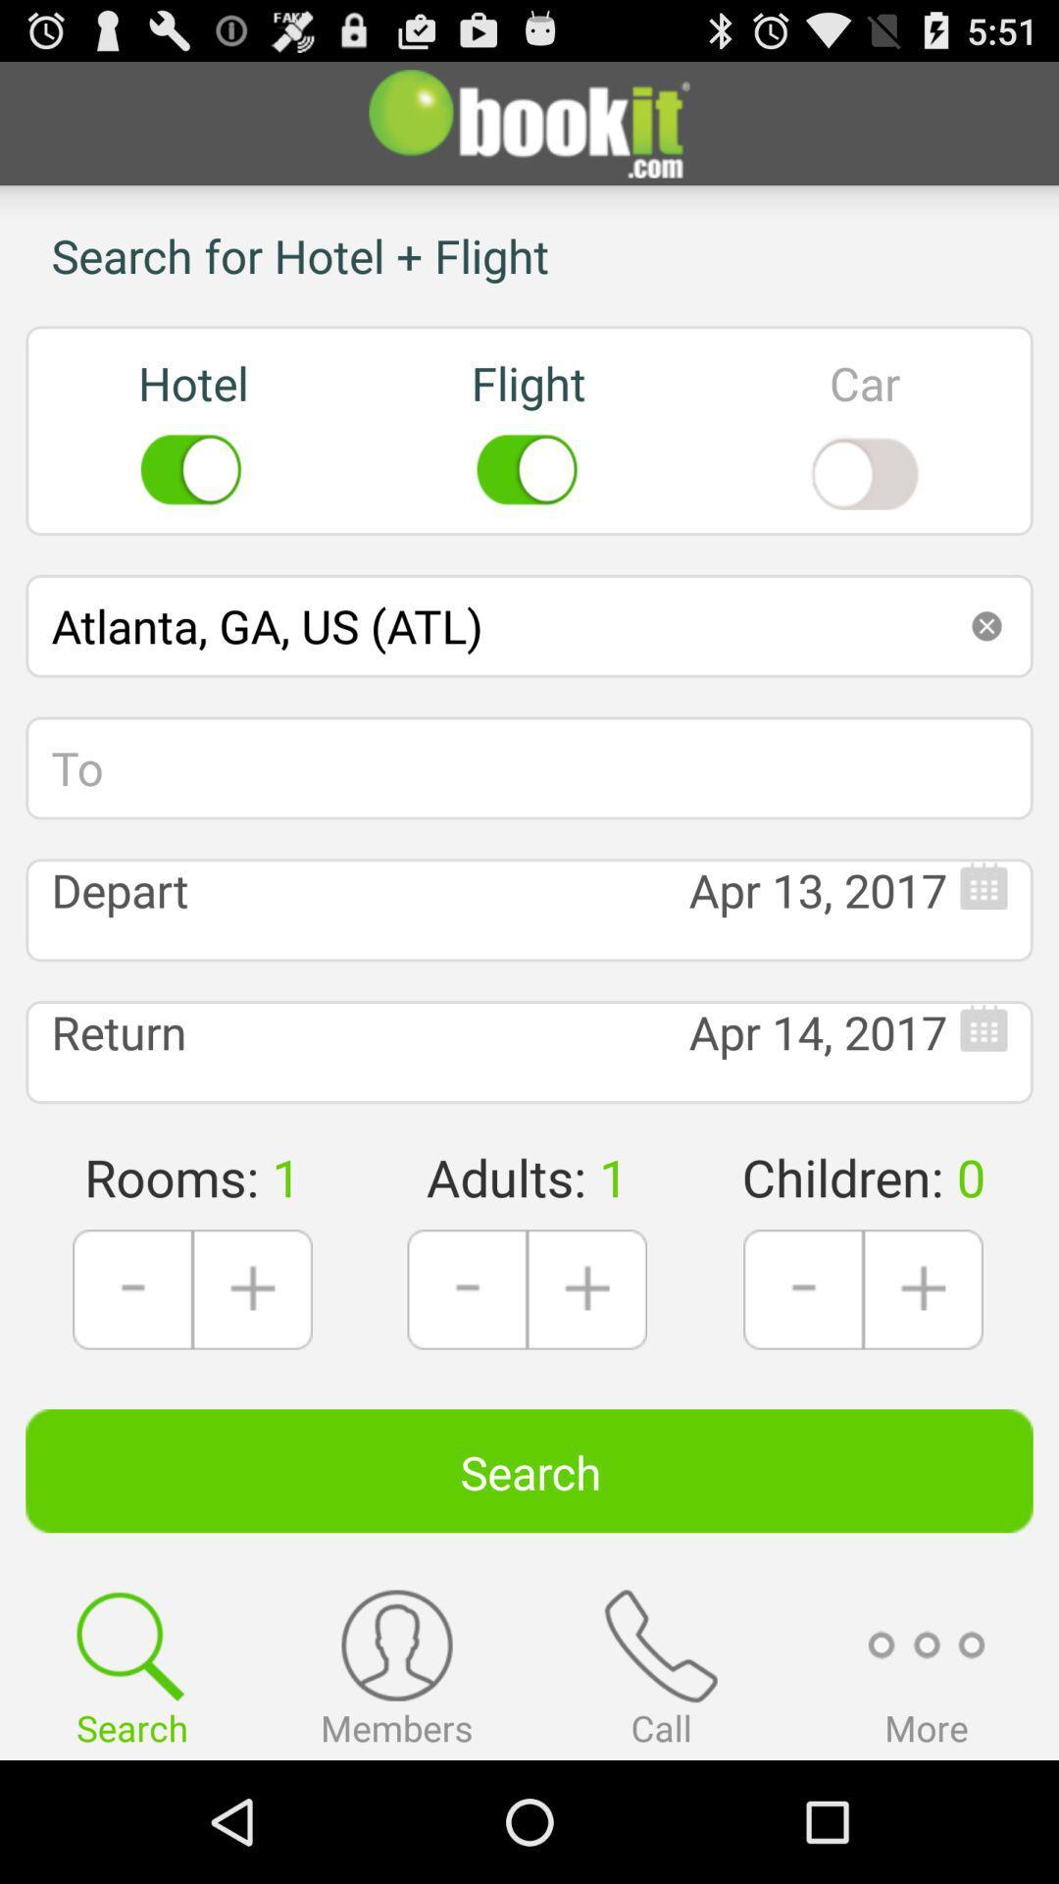 This screenshot has width=1059, height=1884. What do you see at coordinates (529, 766) in the screenshot?
I see `the icon above depart icon` at bounding box center [529, 766].